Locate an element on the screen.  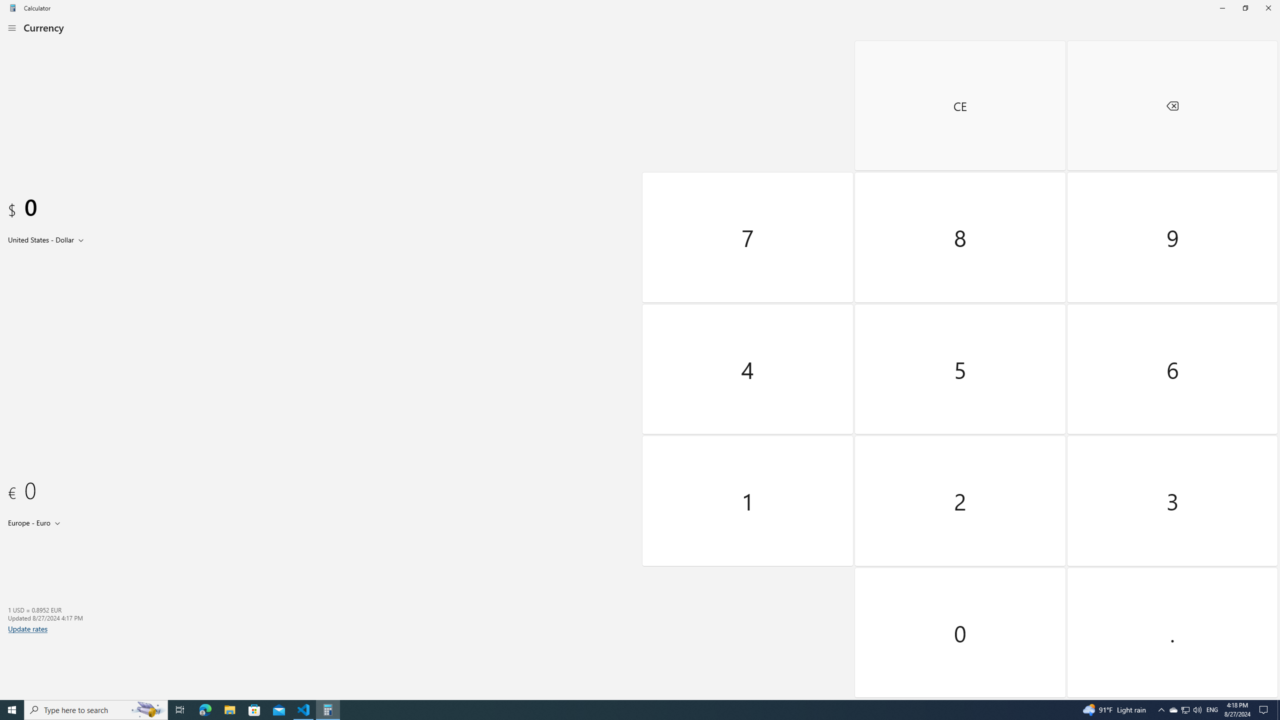
'Restore Calculator' is located at coordinates (1245, 7).